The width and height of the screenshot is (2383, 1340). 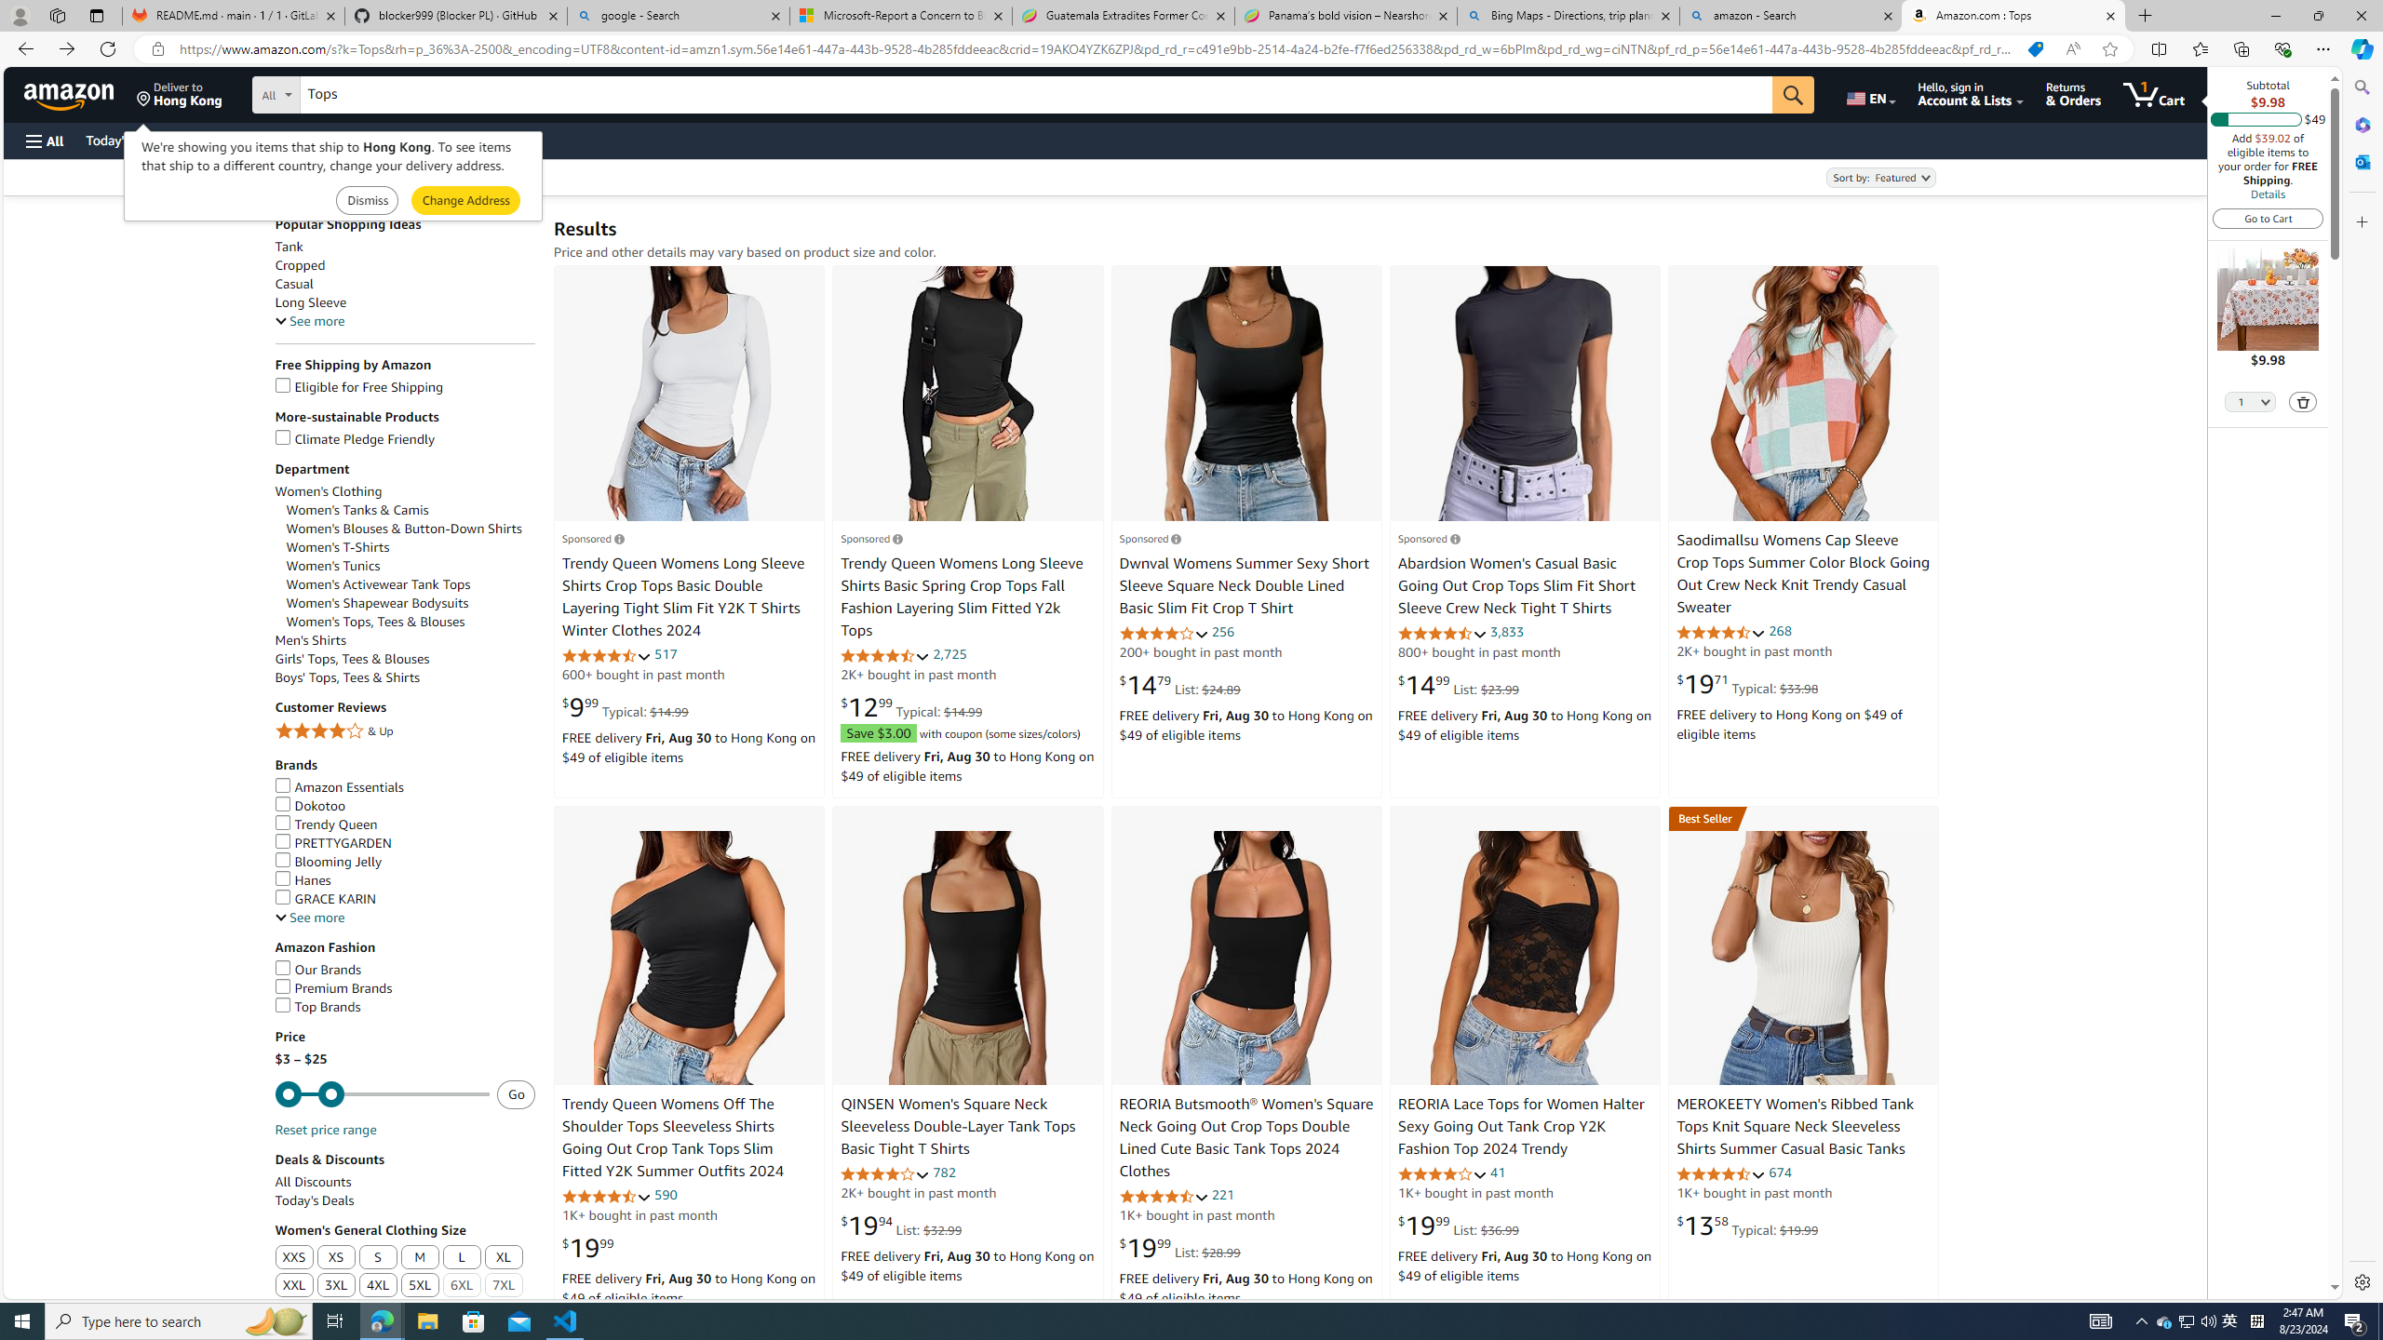 I want to click on 'Women', so click(x=376, y=602).